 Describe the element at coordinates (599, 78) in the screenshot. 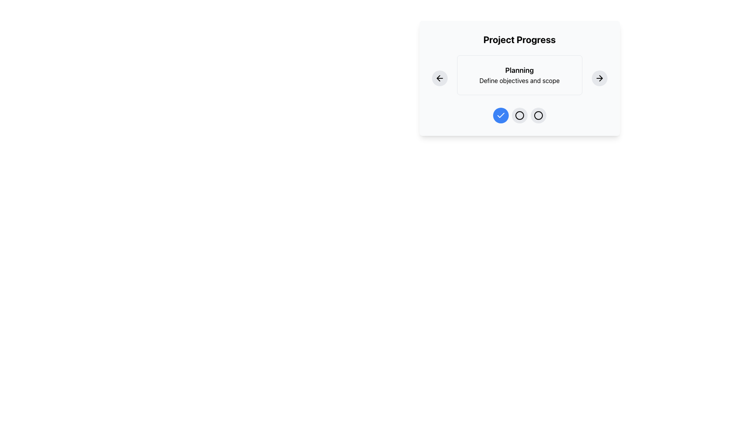

I see `the right-pointing arrow icon within the circular button on the 'Project Progress' card` at that location.